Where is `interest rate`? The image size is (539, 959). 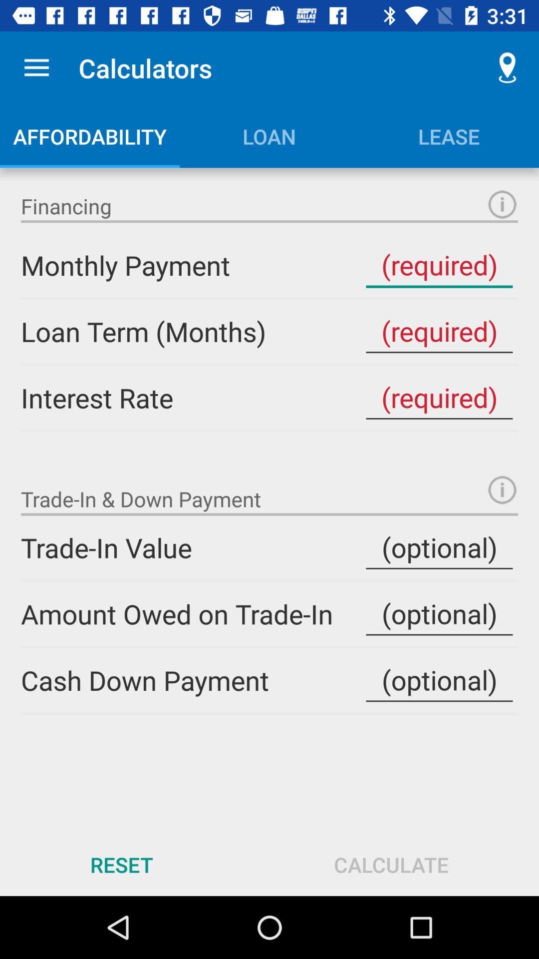 interest rate is located at coordinates (439, 397).